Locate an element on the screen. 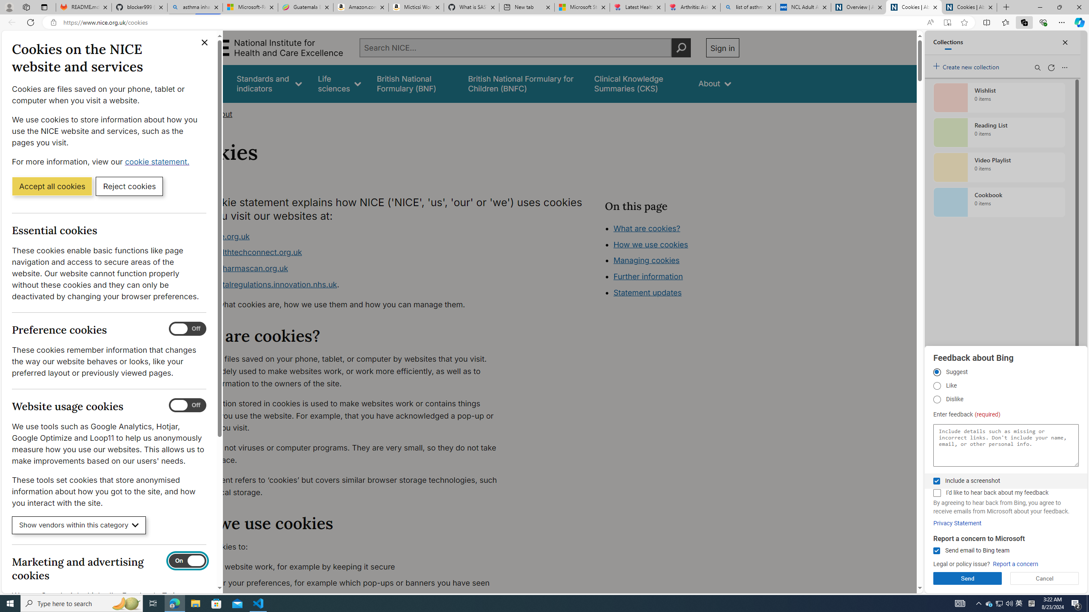 This screenshot has height=612, width=1089. 'I' is located at coordinates (936, 492).